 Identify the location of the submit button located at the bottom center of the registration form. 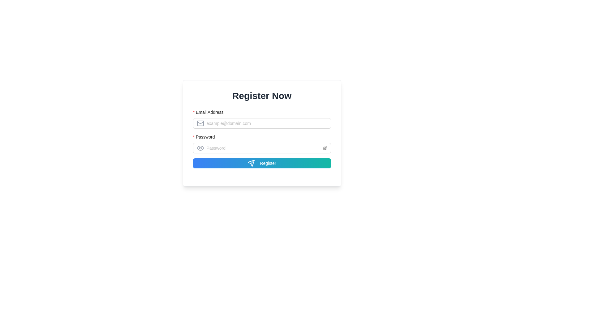
(262, 163).